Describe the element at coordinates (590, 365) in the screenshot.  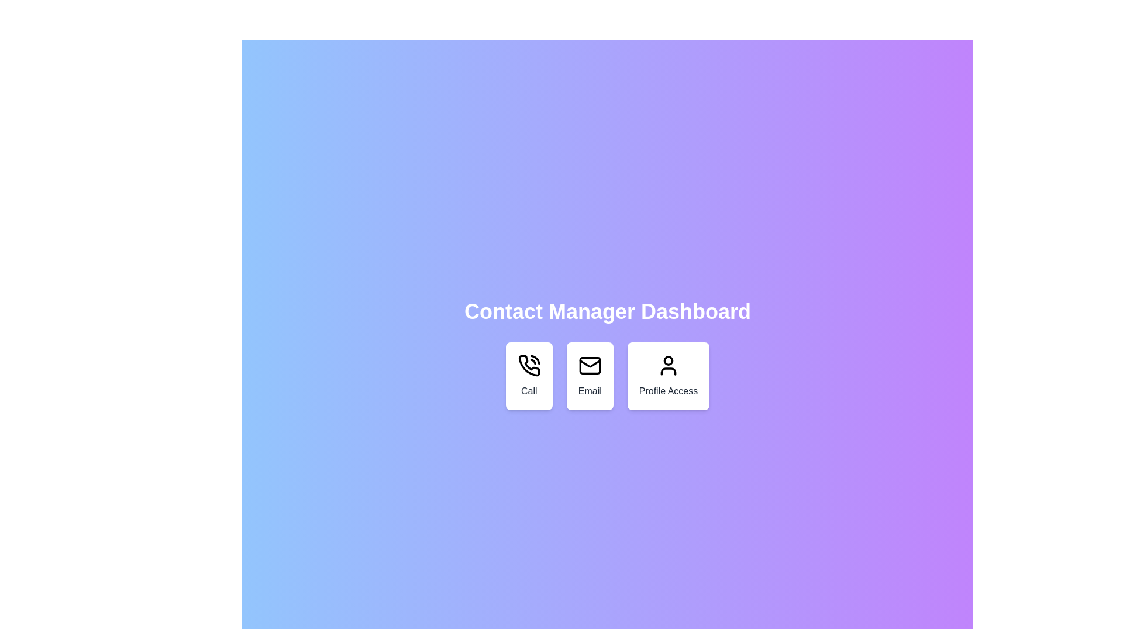
I see `the email icon located in the center column of three options, directly above the 'Email' label on the card component in the Contact Manager Dashboard` at that location.